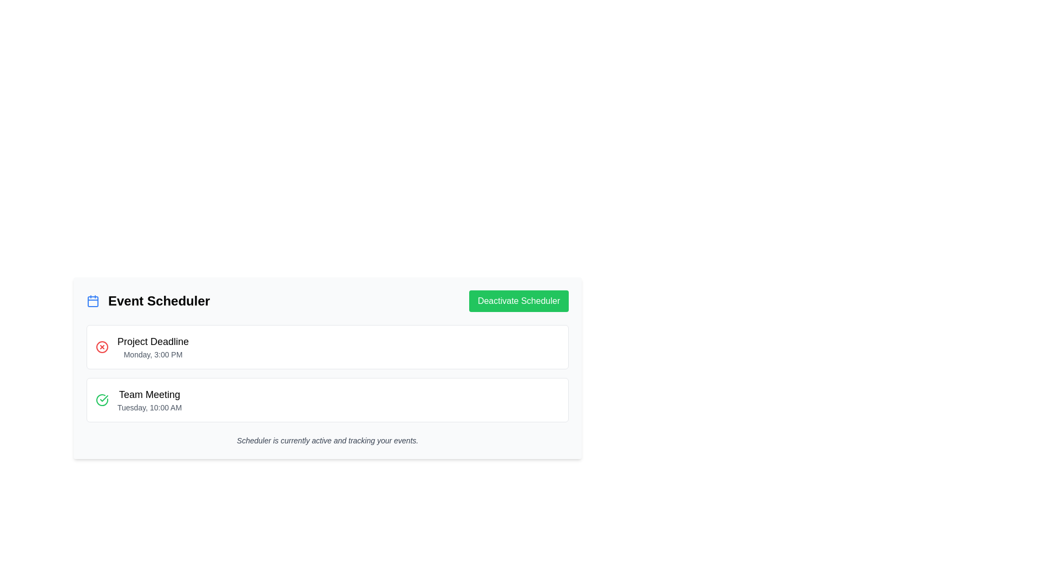 This screenshot has height=584, width=1039. Describe the element at coordinates (93, 302) in the screenshot. I see `the main body of the calendar SVG icon, which is the graphical component styled as a rectangular shape, positioned third among its siblings` at that location.